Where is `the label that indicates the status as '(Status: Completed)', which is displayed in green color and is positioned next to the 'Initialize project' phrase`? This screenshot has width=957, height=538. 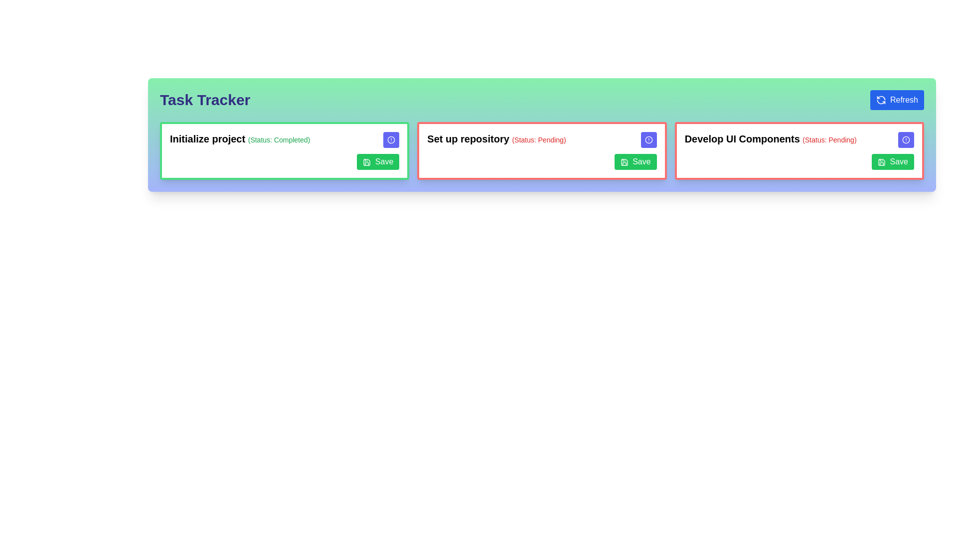
the label that indicates the status as '(Status: Completed)', which is displayed in green color and is positioned next to the 'Initialize project' phrase is located at coordinates (279, 140).